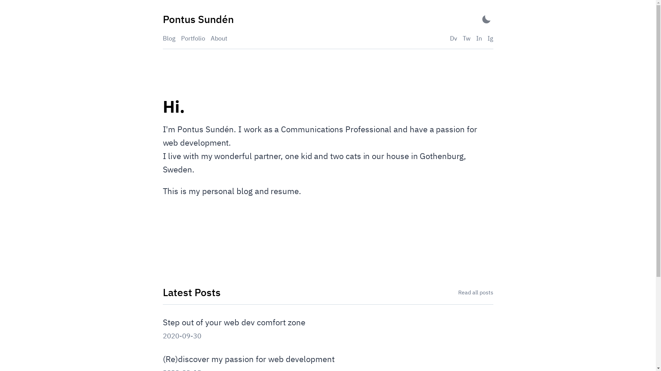  I want to click on 'Step out of your web dev comfort zone', so click(233, 322).